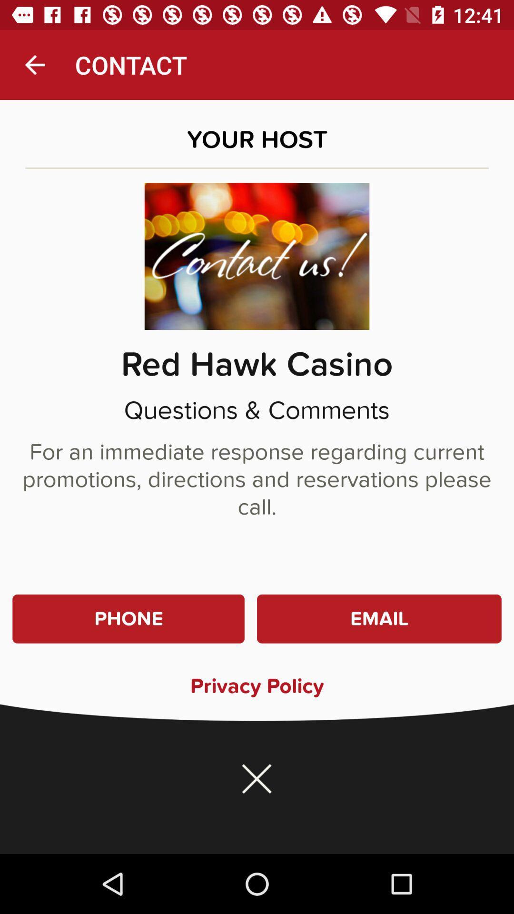 Image resolution: width=514 pixels, height=914 pixels. I want to click on item at the bottom right corner, so click(378, 619).